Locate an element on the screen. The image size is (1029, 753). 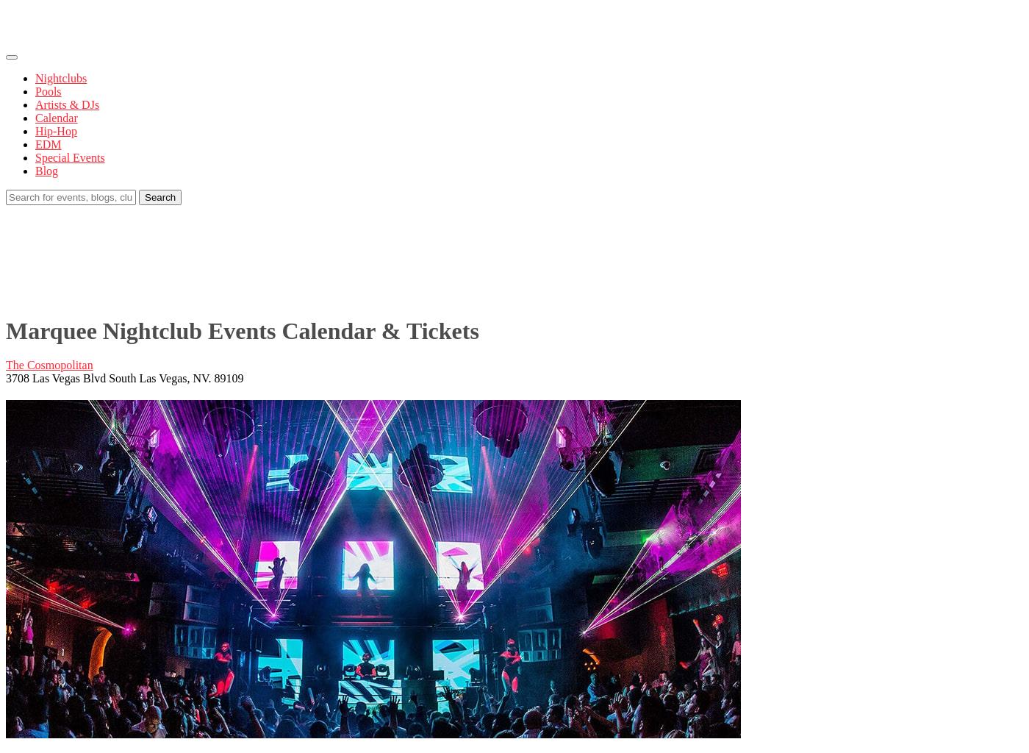
'Pools' is located at coordinates (35, 90).